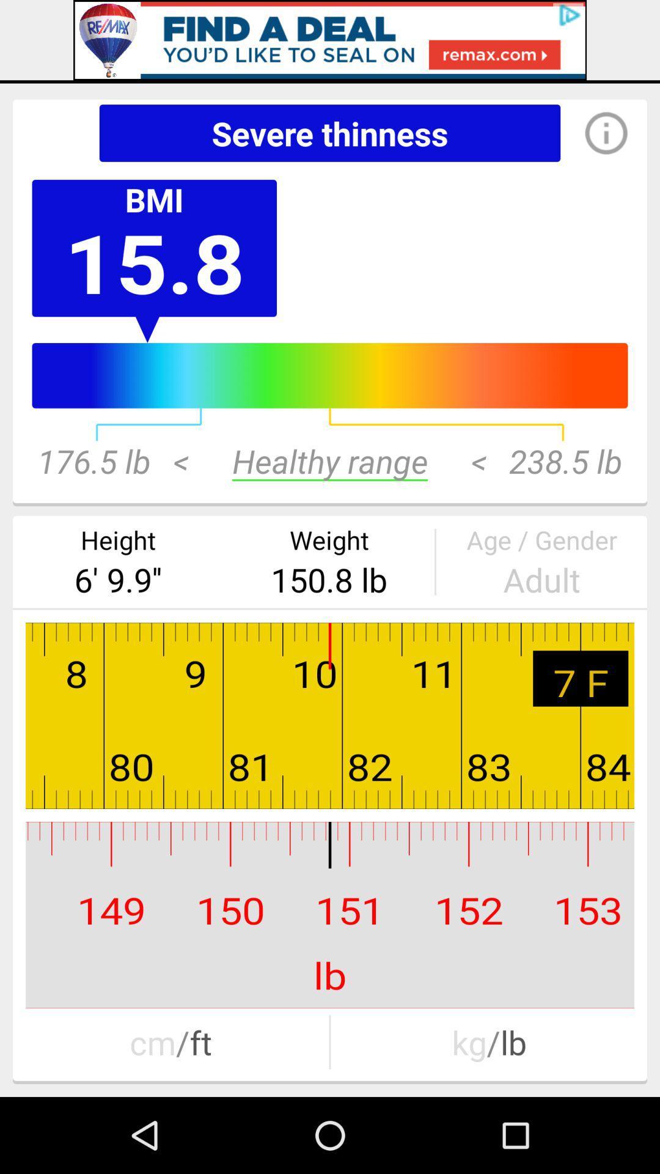  Describe the element at coordinates (593, 133) in the screenshot. I see `the info icon` at that location.